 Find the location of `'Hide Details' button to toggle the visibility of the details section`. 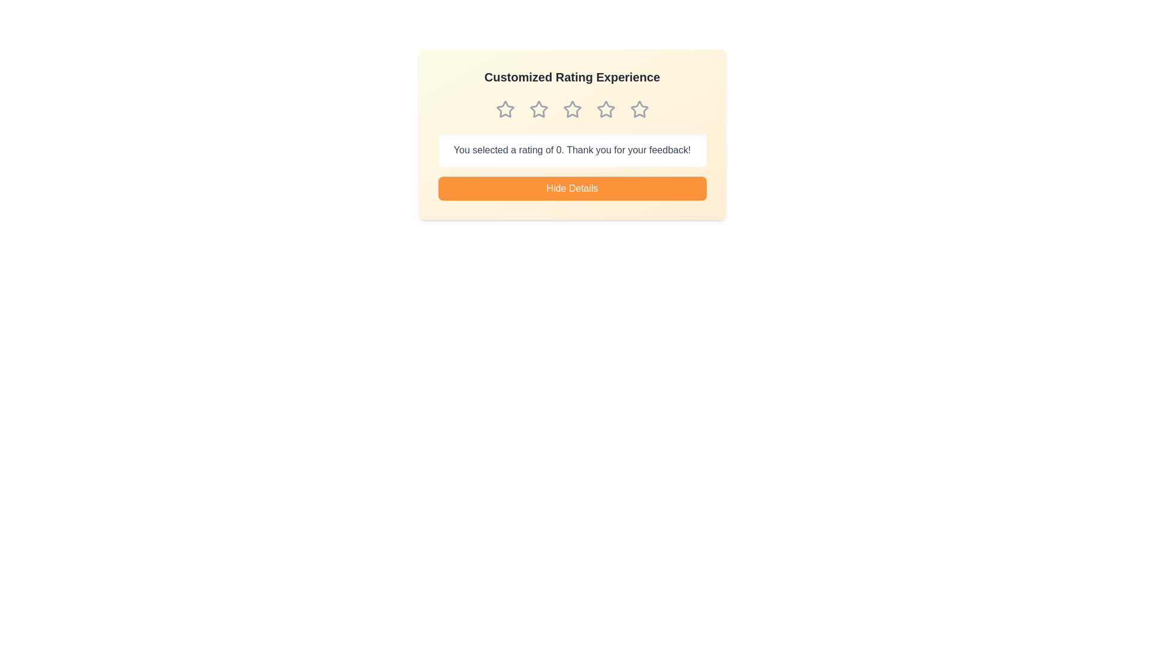

'Hide Details' button to toggle the visibility of the details section is located at coordinates (571, 189).